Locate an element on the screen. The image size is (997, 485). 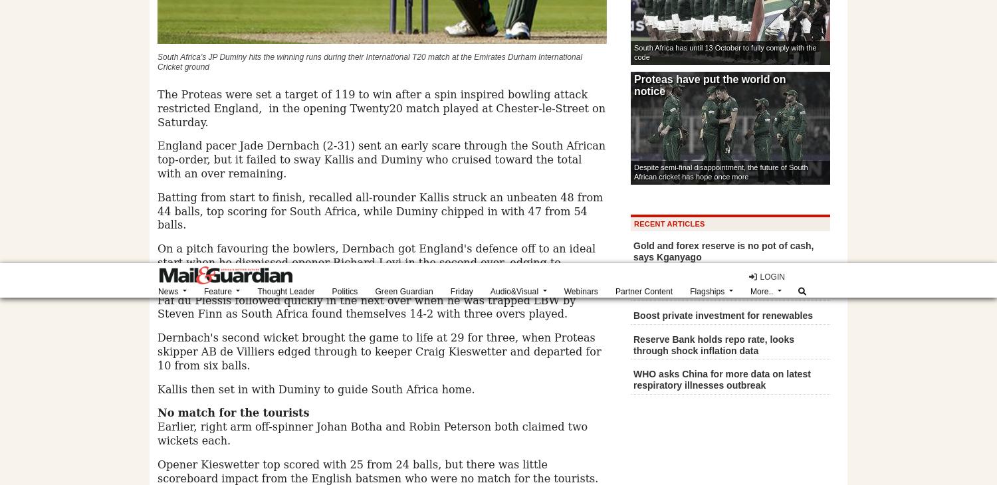
'Terms of Service and Security' is located at coordinates (576, 132).